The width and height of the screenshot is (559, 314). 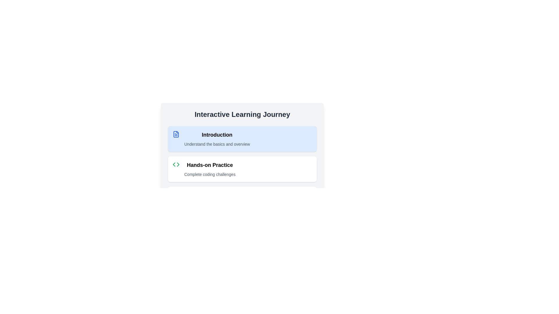 What do you see at coordinates (242, 170) in the screenshot?
I see `the information displayed in the 'Hands-on Practice' marker, which is the second step in the interactive workflow` at bounding box center [242, 170].